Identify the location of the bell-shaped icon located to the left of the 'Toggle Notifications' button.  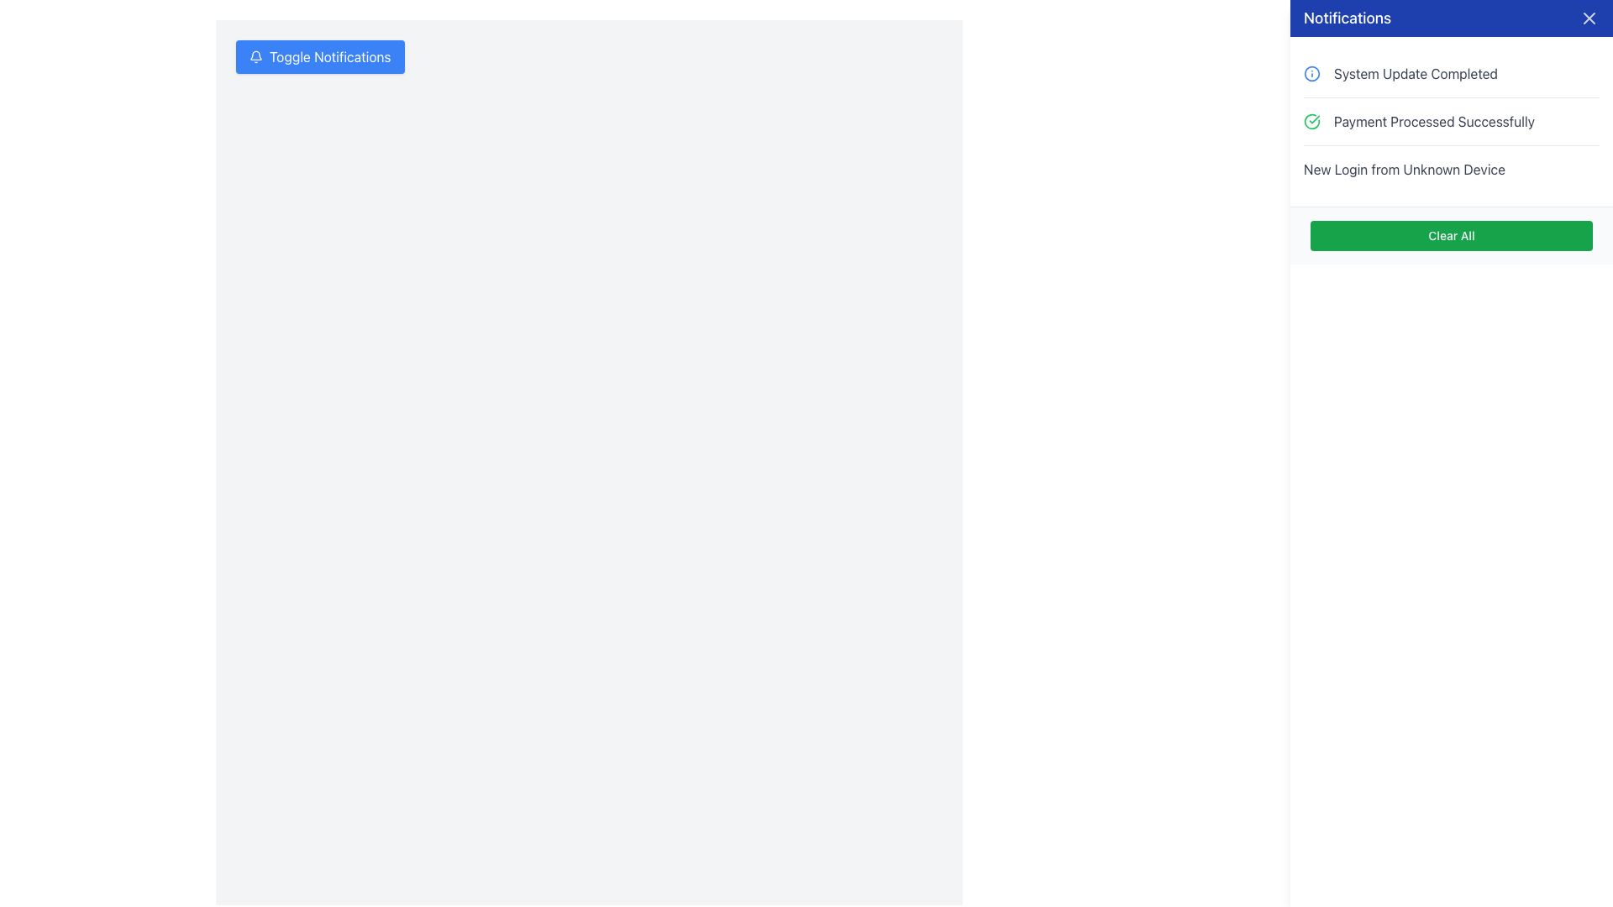
(255, 56).